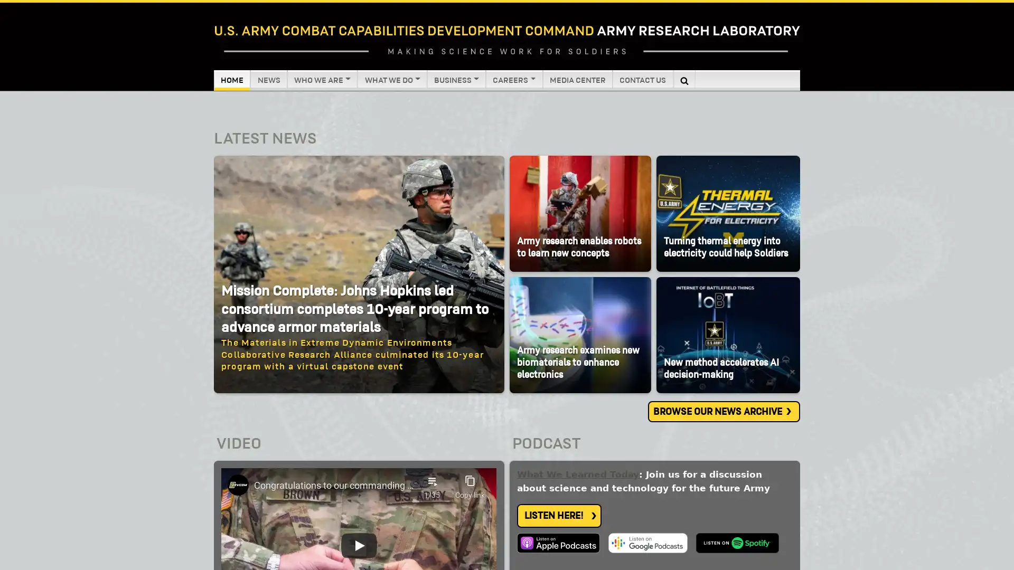 This screenshot has width=1014, height=570. Describe the element at coordinates (268, 80) in the screenshot. I see `NEWS` at that location.